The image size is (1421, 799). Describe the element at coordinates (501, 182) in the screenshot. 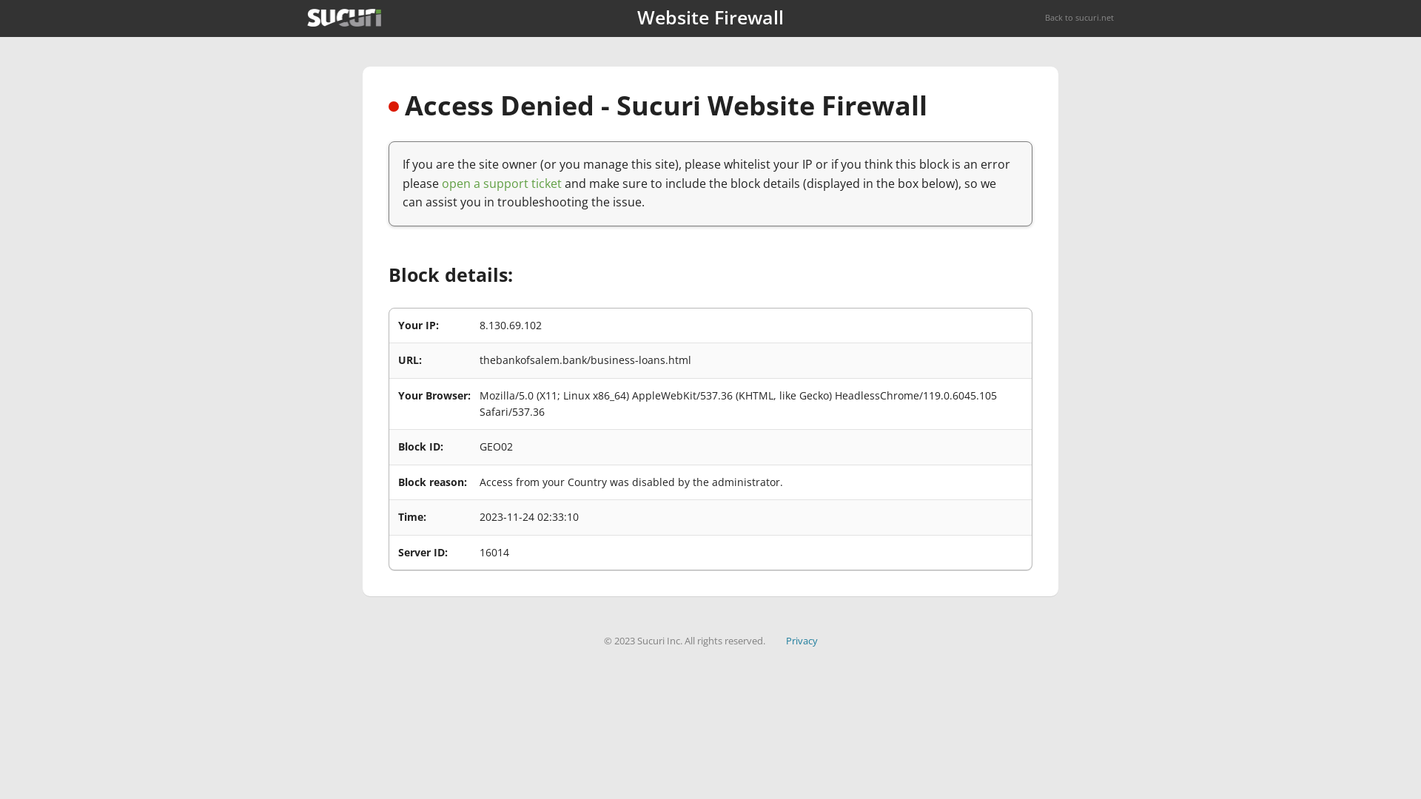

I see `'open a support ticket'` at that location.